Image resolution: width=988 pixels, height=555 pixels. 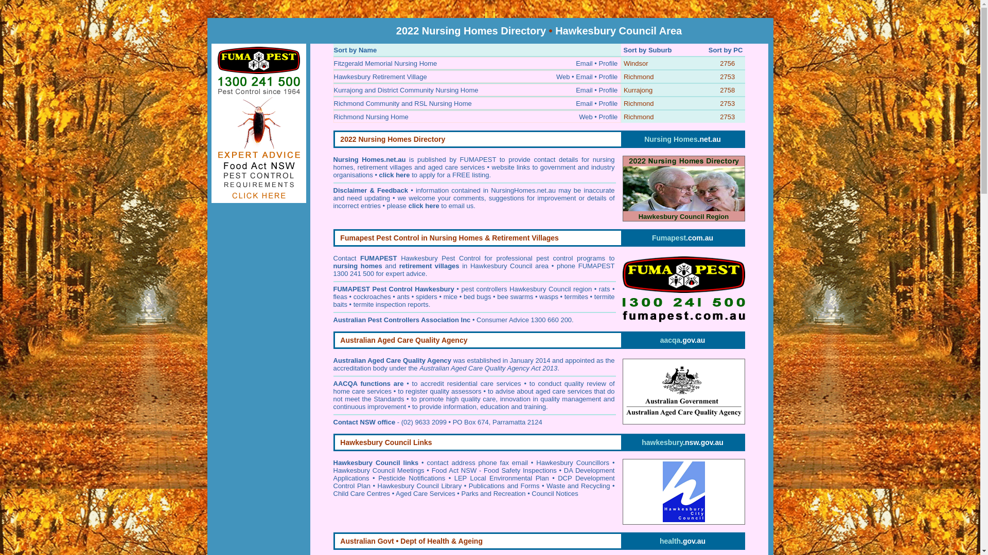 What do you see at coordinates (682, 139) in the screenshot?
I see `'Nursing Homes.net.au'` at bounding box center [682, 139].